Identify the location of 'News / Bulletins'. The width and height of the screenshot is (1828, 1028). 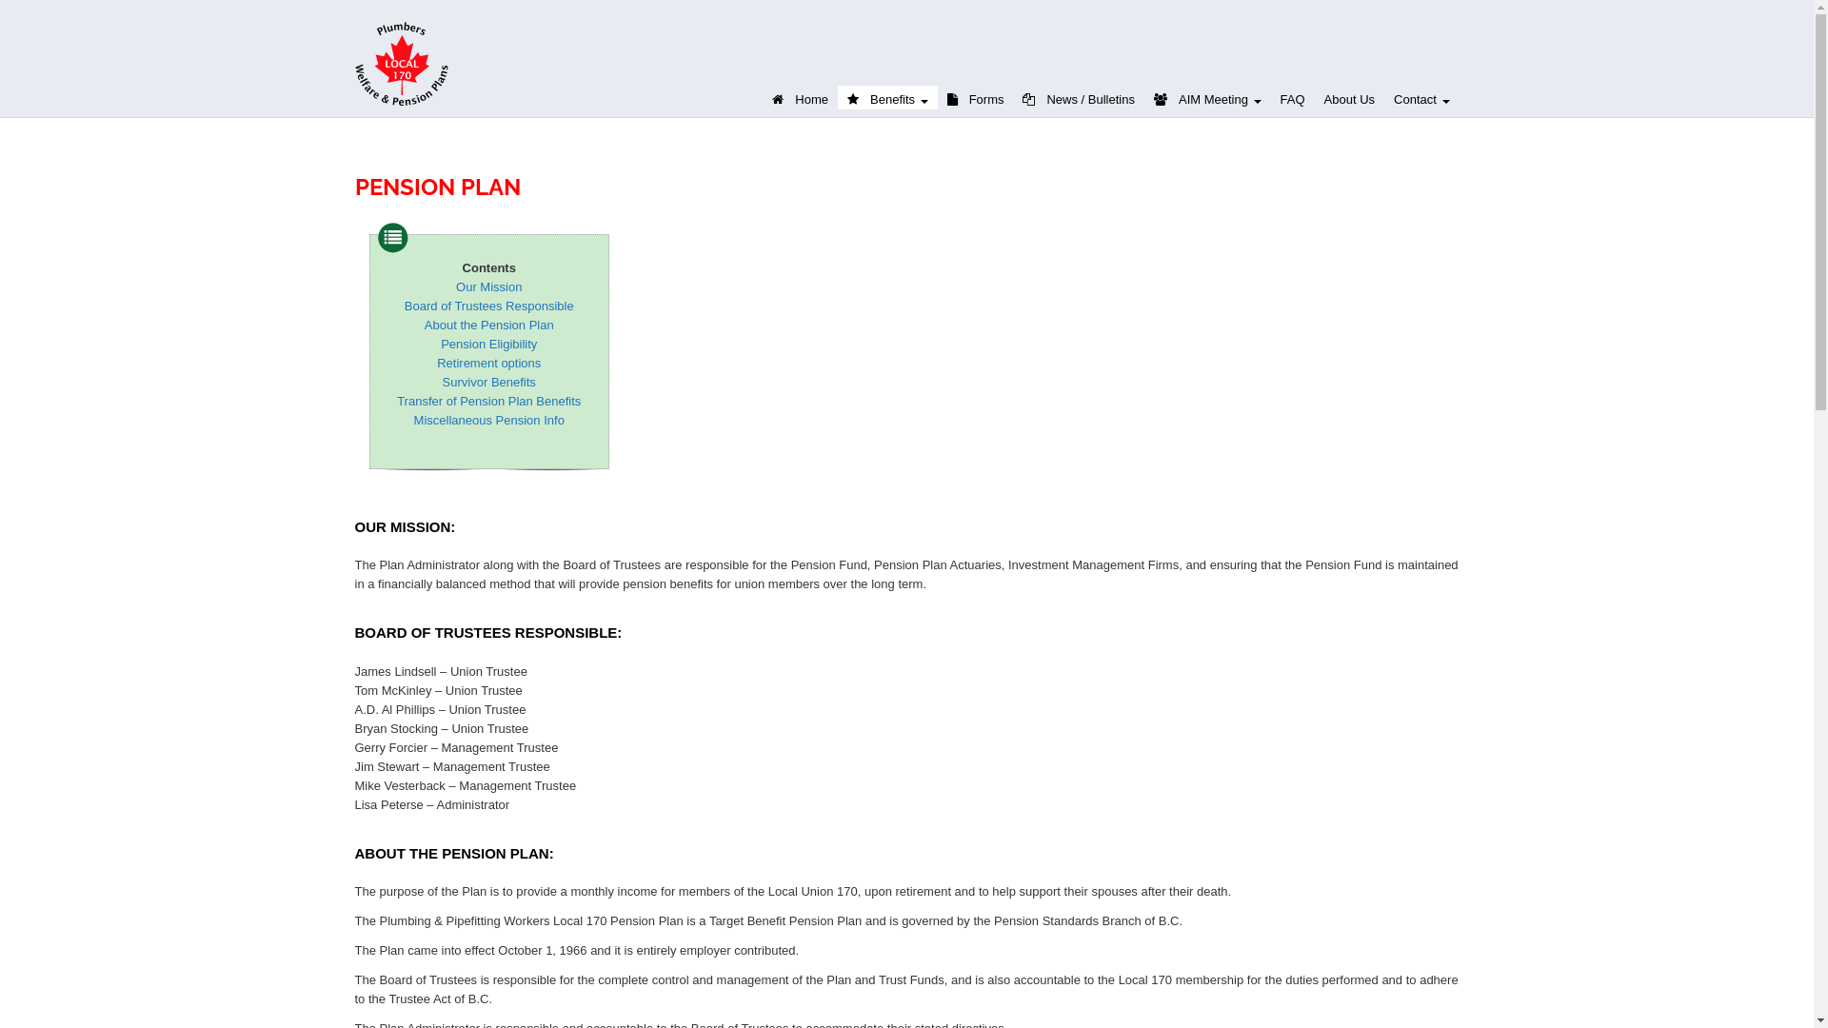
(1078, 97).